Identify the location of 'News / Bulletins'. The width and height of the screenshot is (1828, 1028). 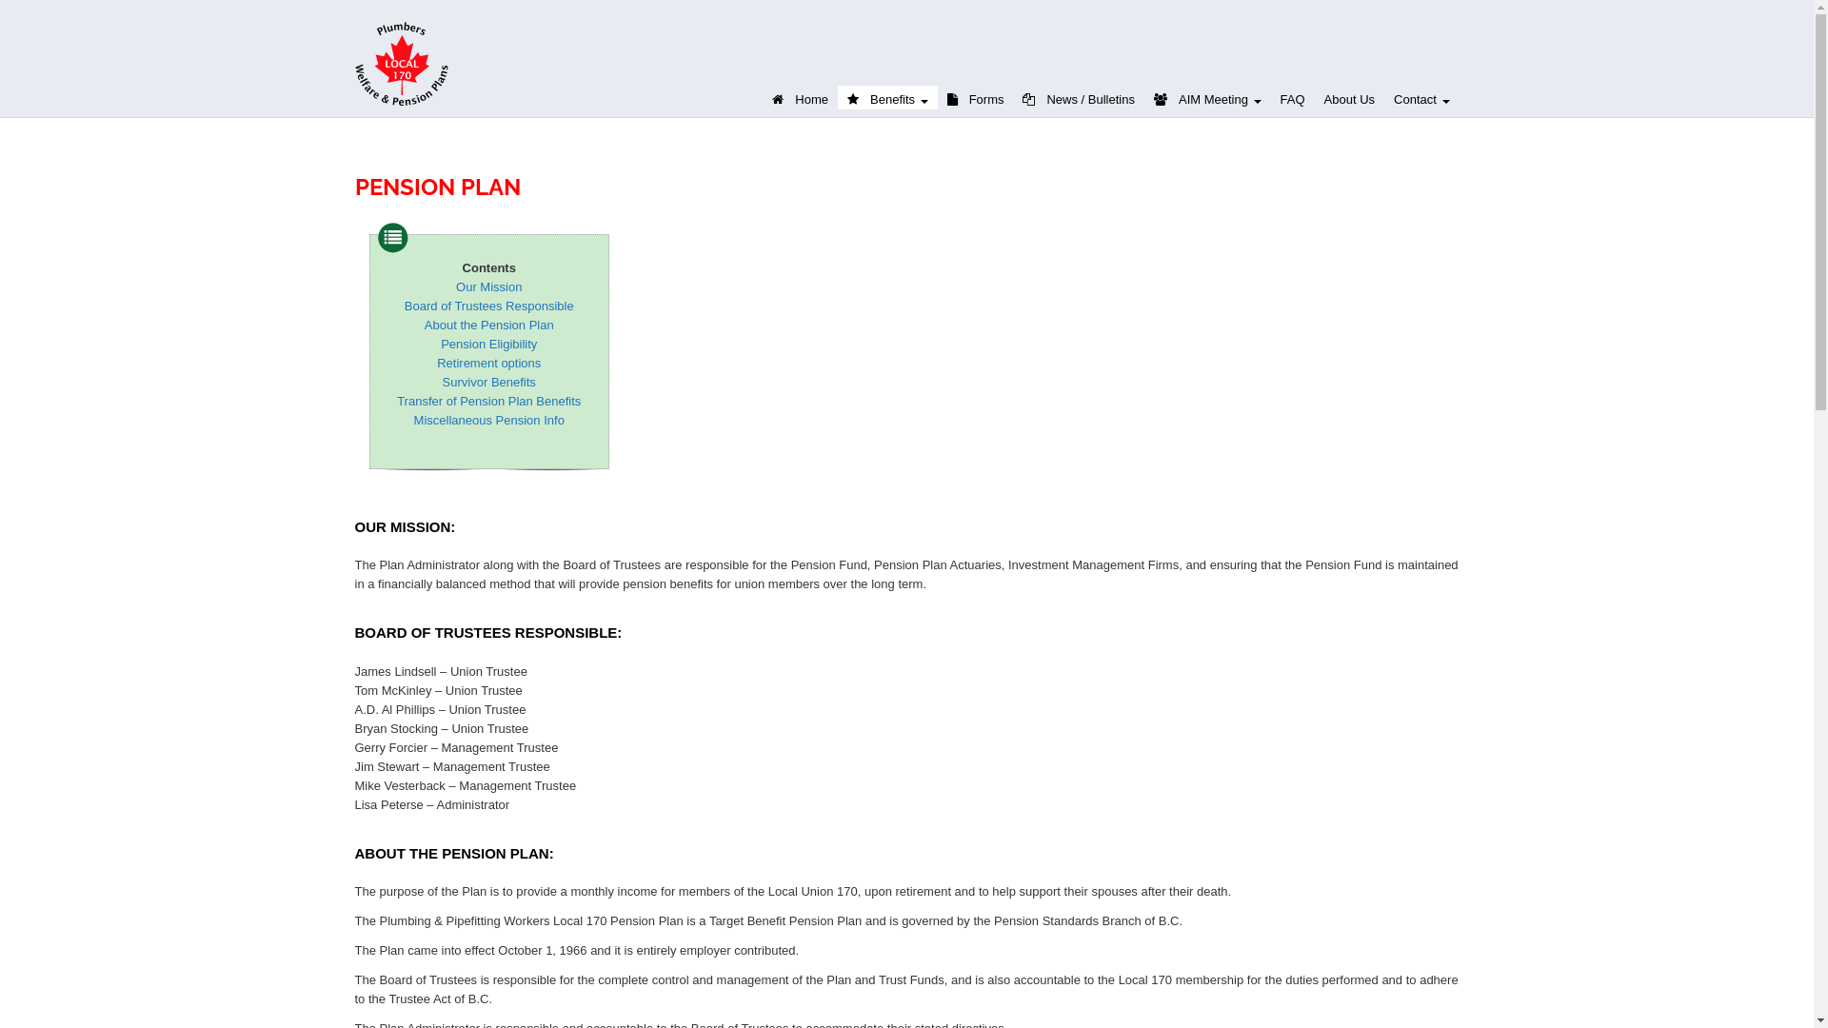
(1078, 97).